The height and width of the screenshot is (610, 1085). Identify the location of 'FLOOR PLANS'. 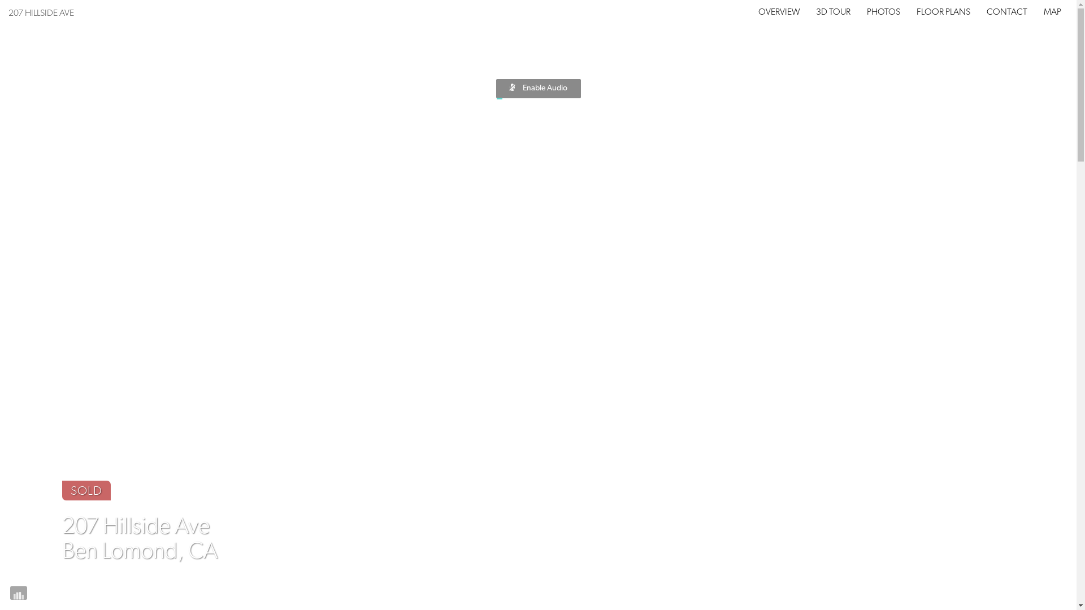
(917, 12).